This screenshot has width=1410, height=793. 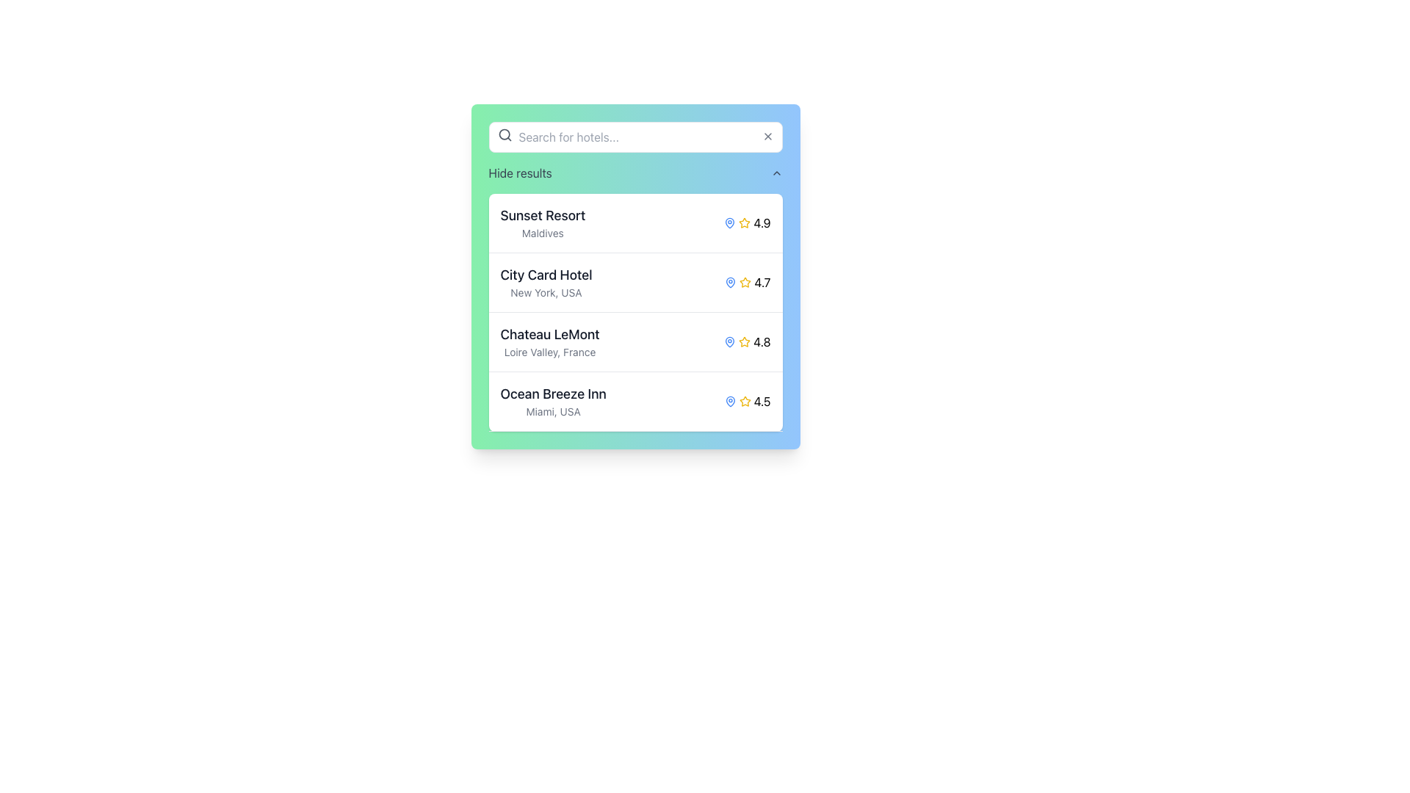 What do you see at coordinates (730, 342) in the screenshot?
I see `the blue location pin icon representing the 'Chateau LeMont' hotel, which is located in the third row of the hotel list, to the right of its text description and above its star rating indicator` at bounding box center [730, 342].